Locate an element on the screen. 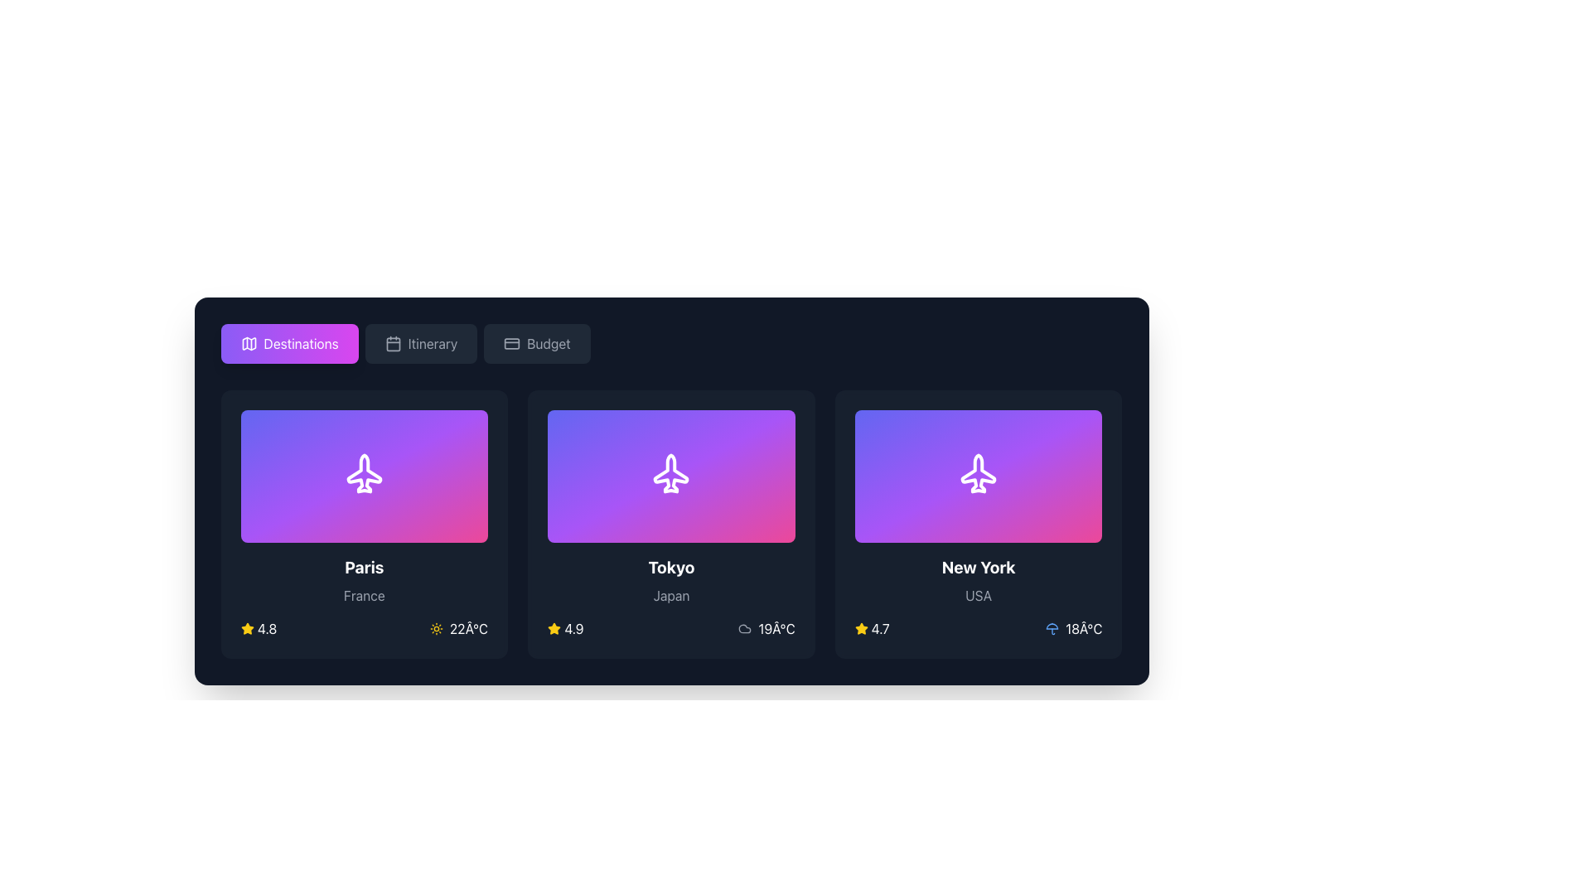 This screenshot has height=895, width=1591. the flight or travel icon located on the card labeled 'Tokyo, Japan', which is the middle card in a horizontally aligned group is located at coordinates (671, 476).